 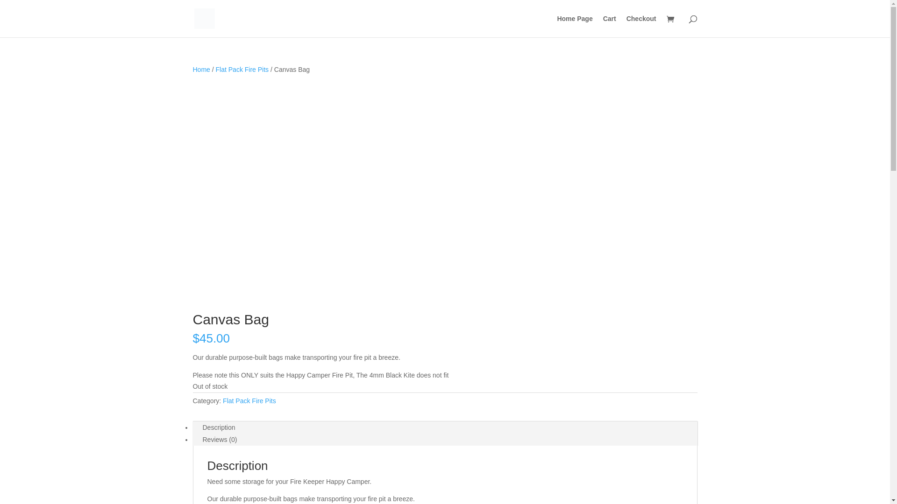 I want to click on 'Flat Pack Fire Pits', so click(x=242, y=69).